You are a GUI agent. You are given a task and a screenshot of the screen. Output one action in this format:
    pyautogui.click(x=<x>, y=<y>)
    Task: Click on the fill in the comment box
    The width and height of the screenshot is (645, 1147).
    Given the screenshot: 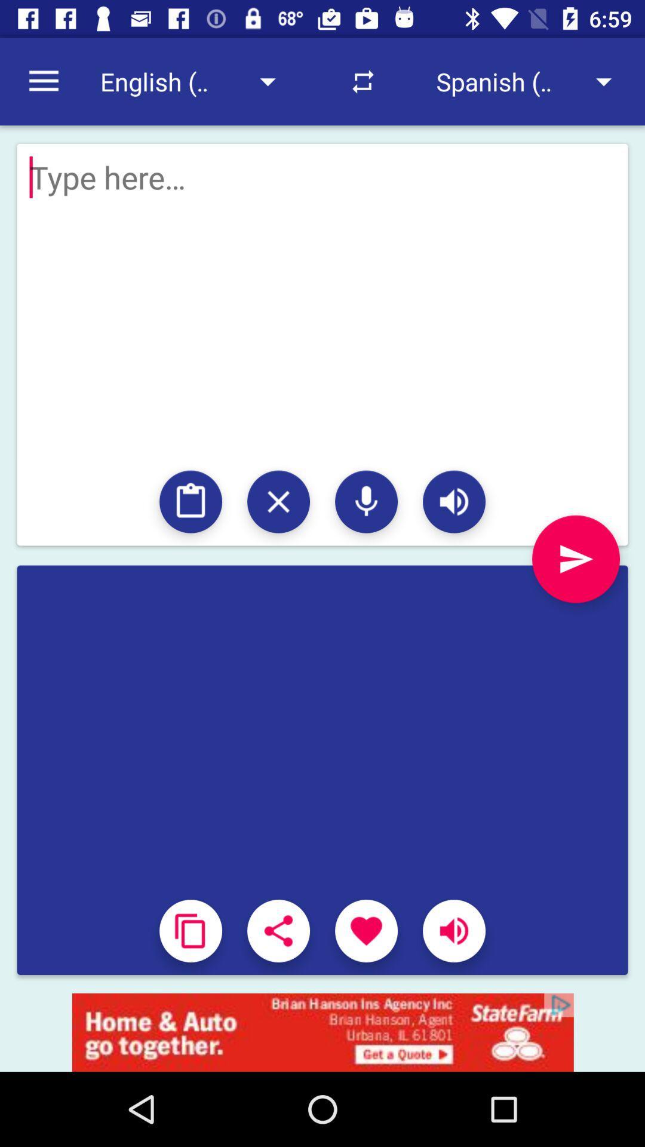 What is the action you would take?
    pyautogui.click(x=322, y=600)
    